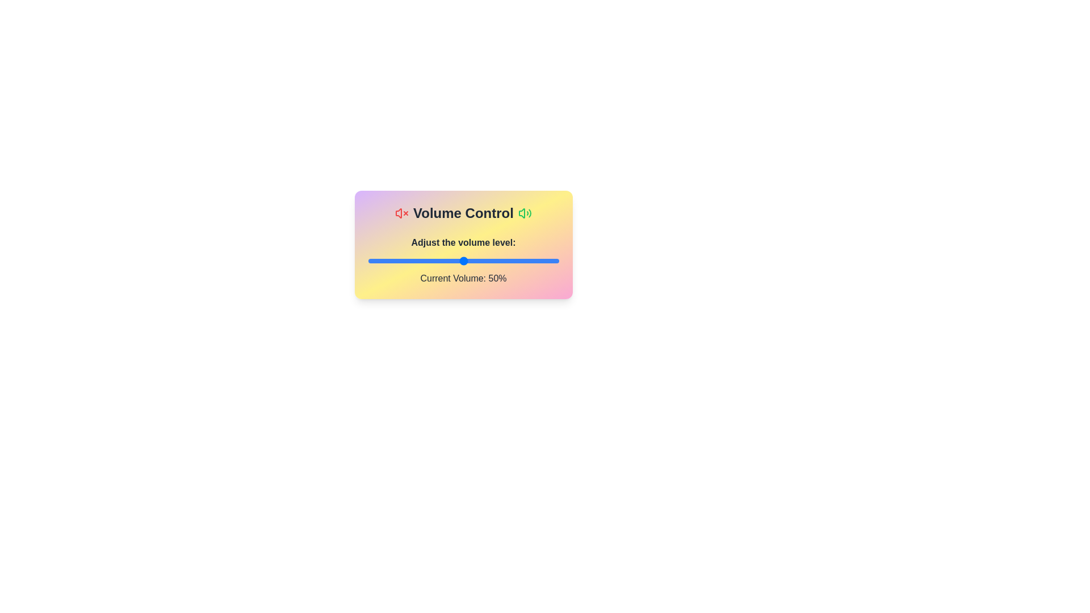 The image size is (1090, 613). I want to click on the volume to 87% by interacting with the slider, so click(533, 261).